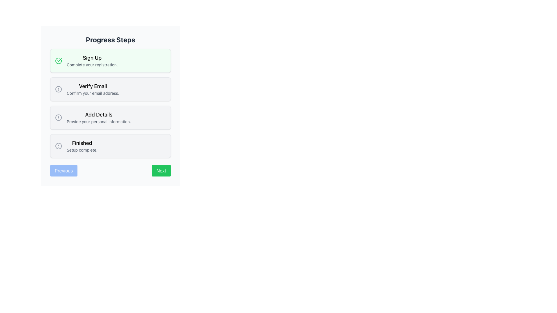 The height and width of the screenshot is (313, 557). What do you see at coordinates (99, 117) in the screenshot?
I see `the text block that provides information about the 'Add Details' step in the progress tracker, which is the third item in the vertical list of progress steps` at bounding box center [99, 117].